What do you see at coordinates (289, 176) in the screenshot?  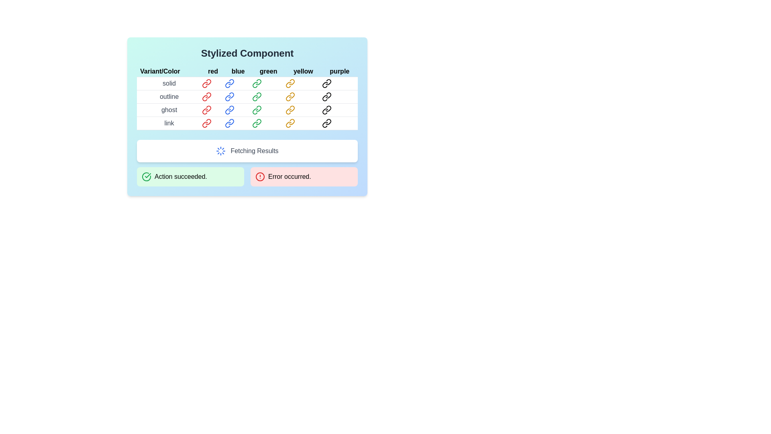 I see `the text label displaying 'Error occurred.' in bold black characters, which is located in the lower right of the interface with a red background and an alert icon to the left` at bounding box center [289, 176].